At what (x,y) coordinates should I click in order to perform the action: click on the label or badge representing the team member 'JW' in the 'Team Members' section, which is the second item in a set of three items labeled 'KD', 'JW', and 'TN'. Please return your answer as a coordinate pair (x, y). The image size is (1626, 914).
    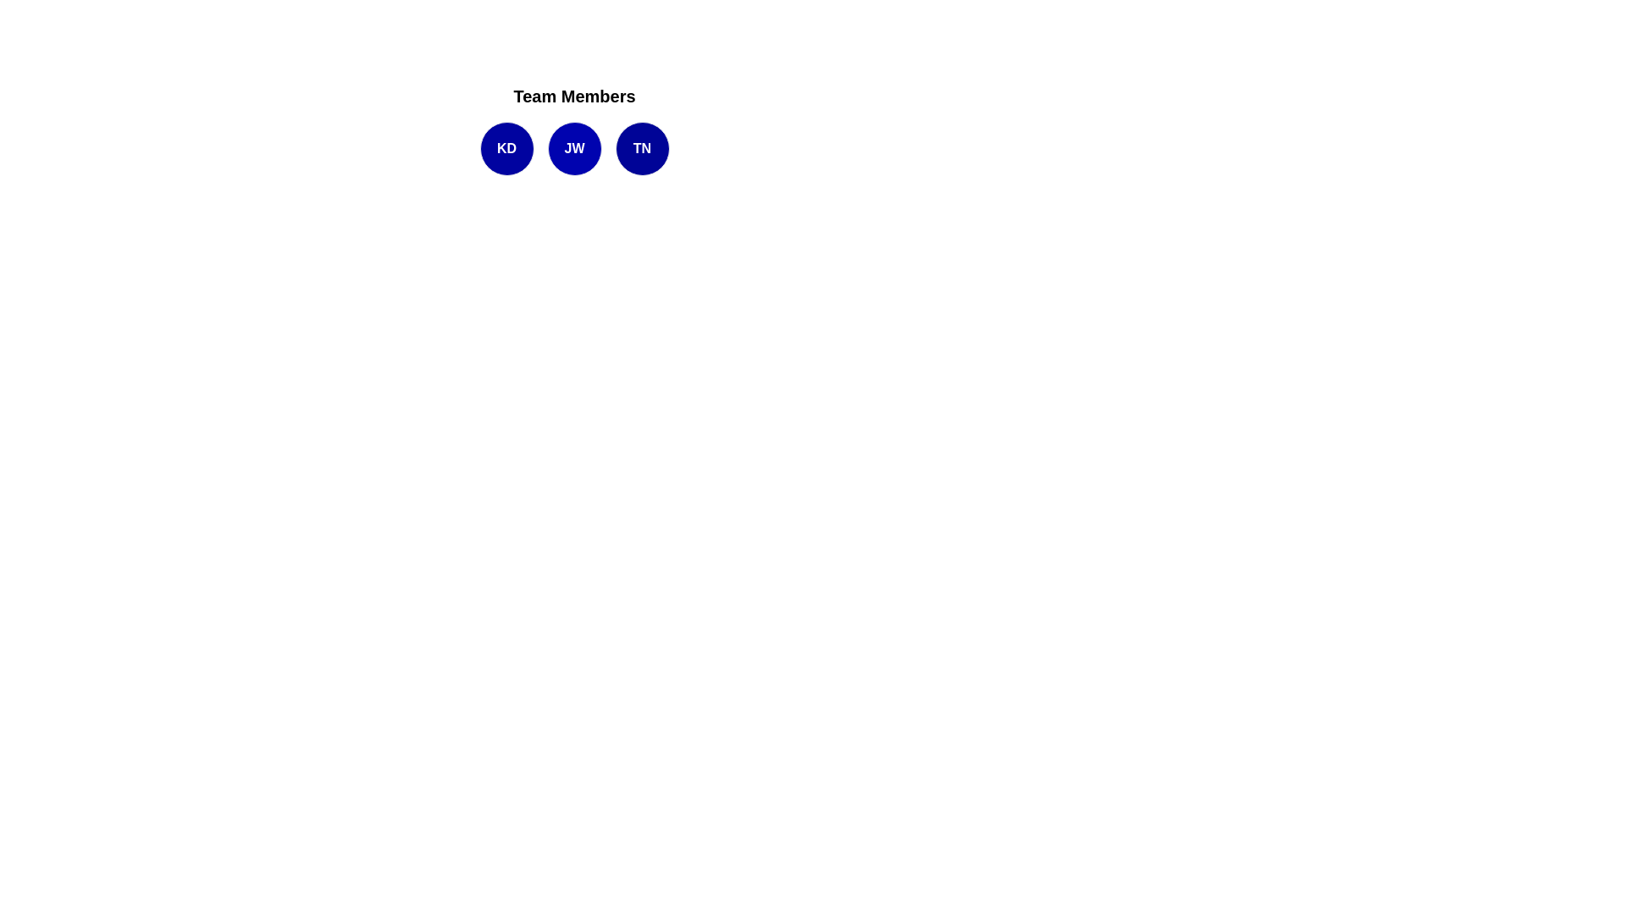
    Looking at the image, I should click on (574, 148).